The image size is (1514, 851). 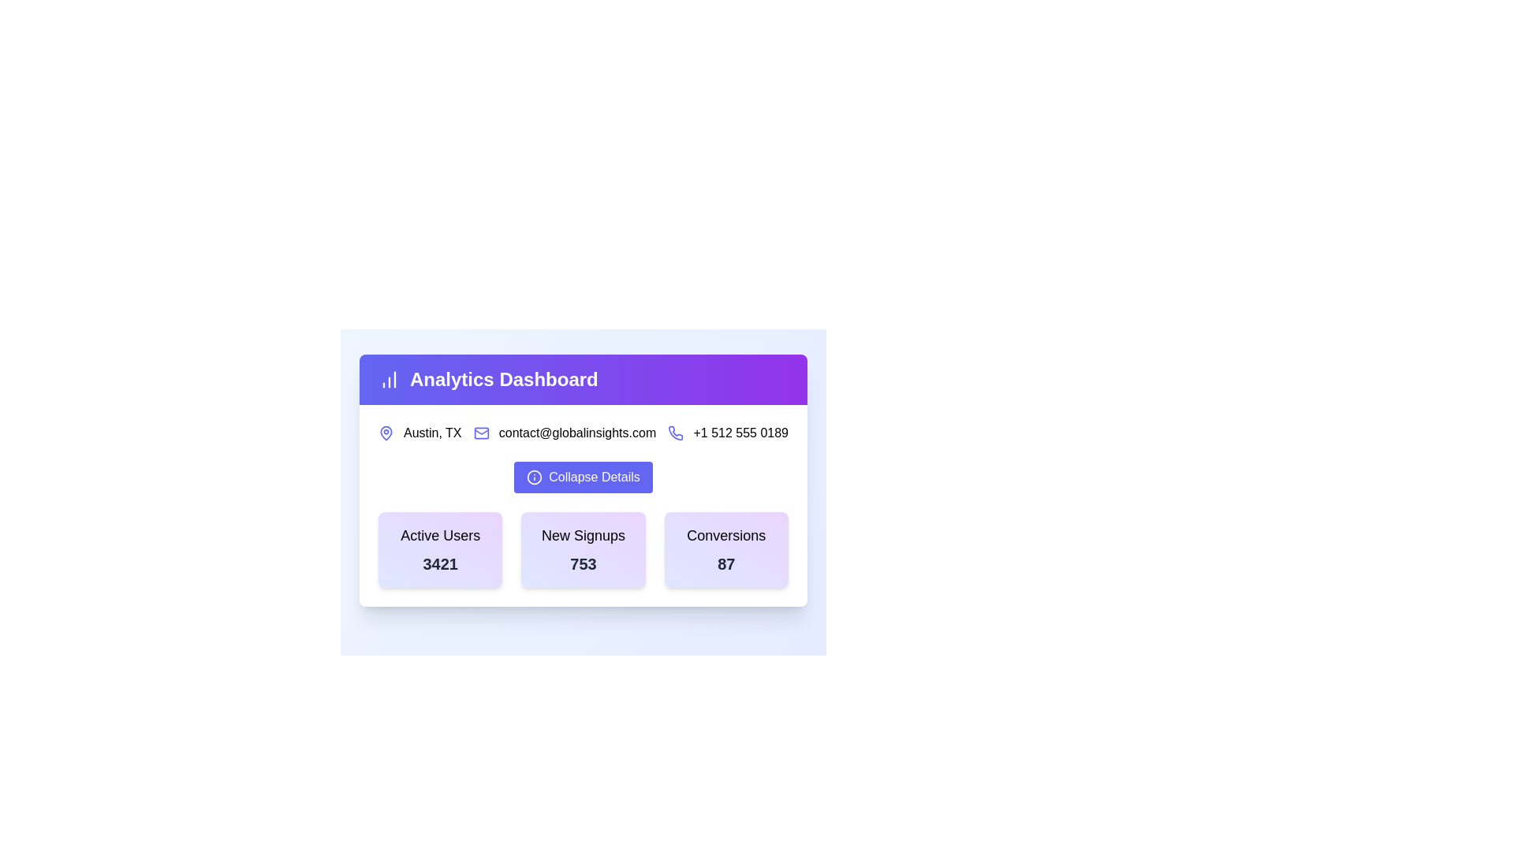 What do you see at coordinates (725, 563) in the screenshot?
I see `displayed numerical value of conversions from the text element located at the bottom-right corner of the analytics dashboard segment, below the label 'Conversions'` at bounding box center [725, 563].